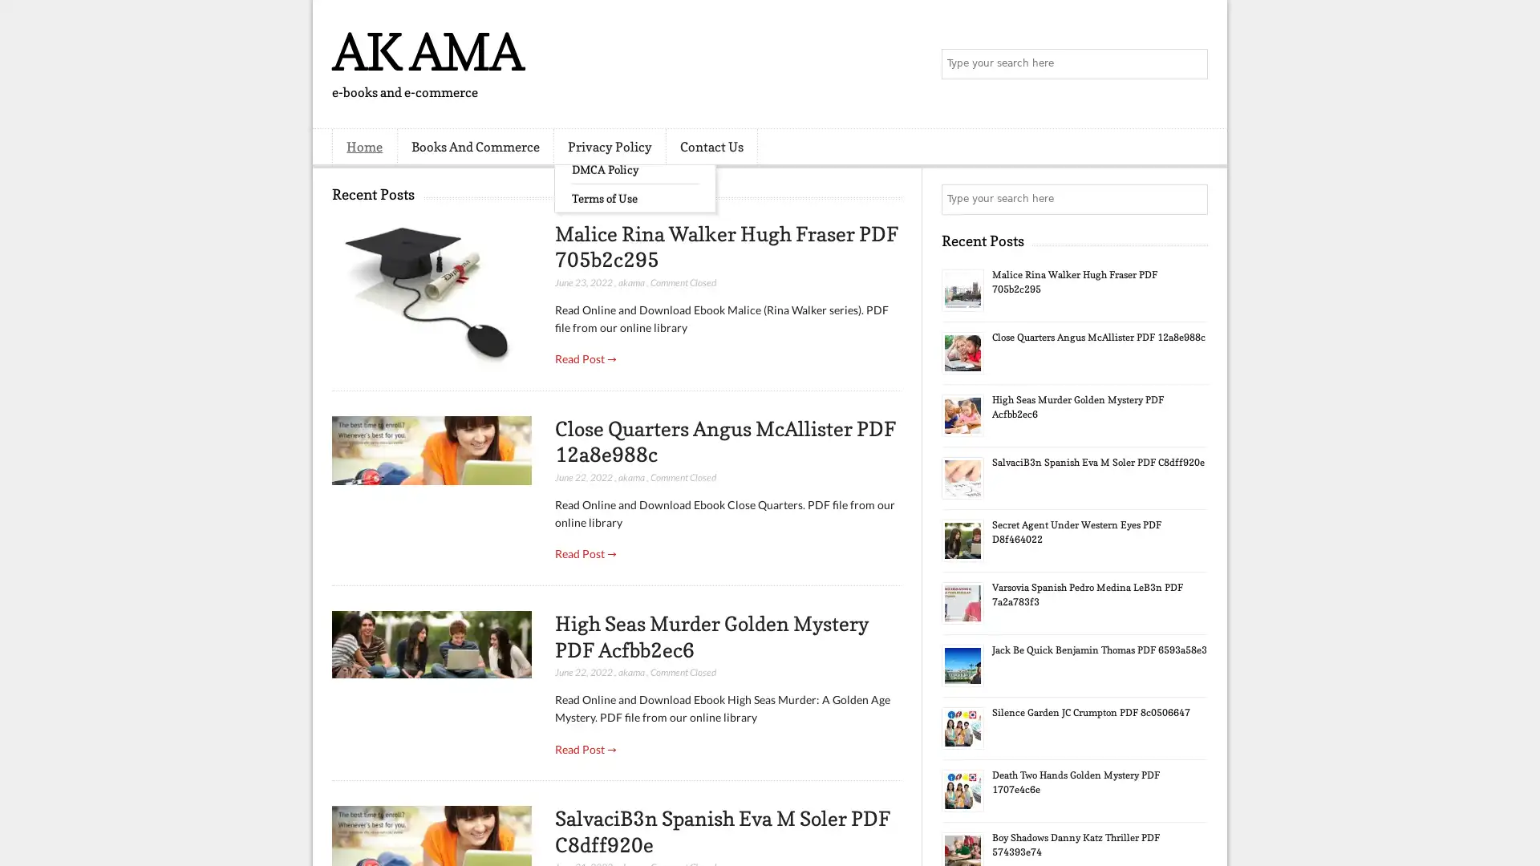 Image resolution: width=1540 pixels, height=866 pixels. I want to click on Search, so click(1191, 64).